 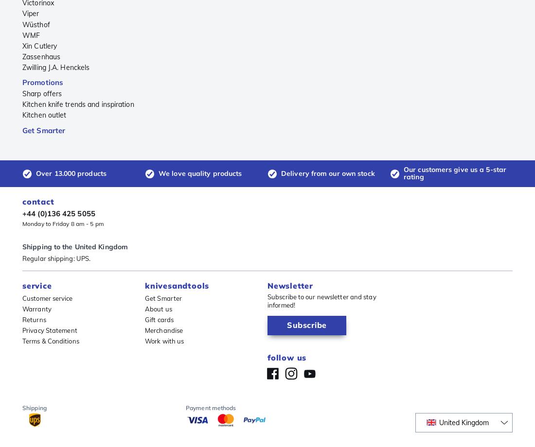 I want to click on 'Monday to Friday 8 am - 5 pm', so click(x=21, y=223).